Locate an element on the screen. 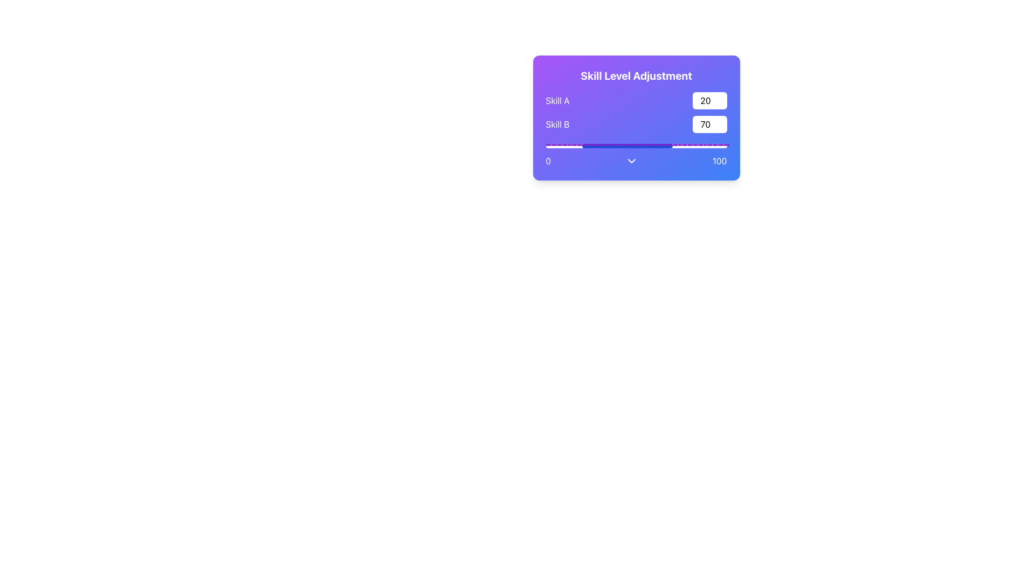 Image resolution: width=1035 pixels, height=582 pixels. the Number input field for 'Skill B' to focus it for input is located at coordinates (709, 124).